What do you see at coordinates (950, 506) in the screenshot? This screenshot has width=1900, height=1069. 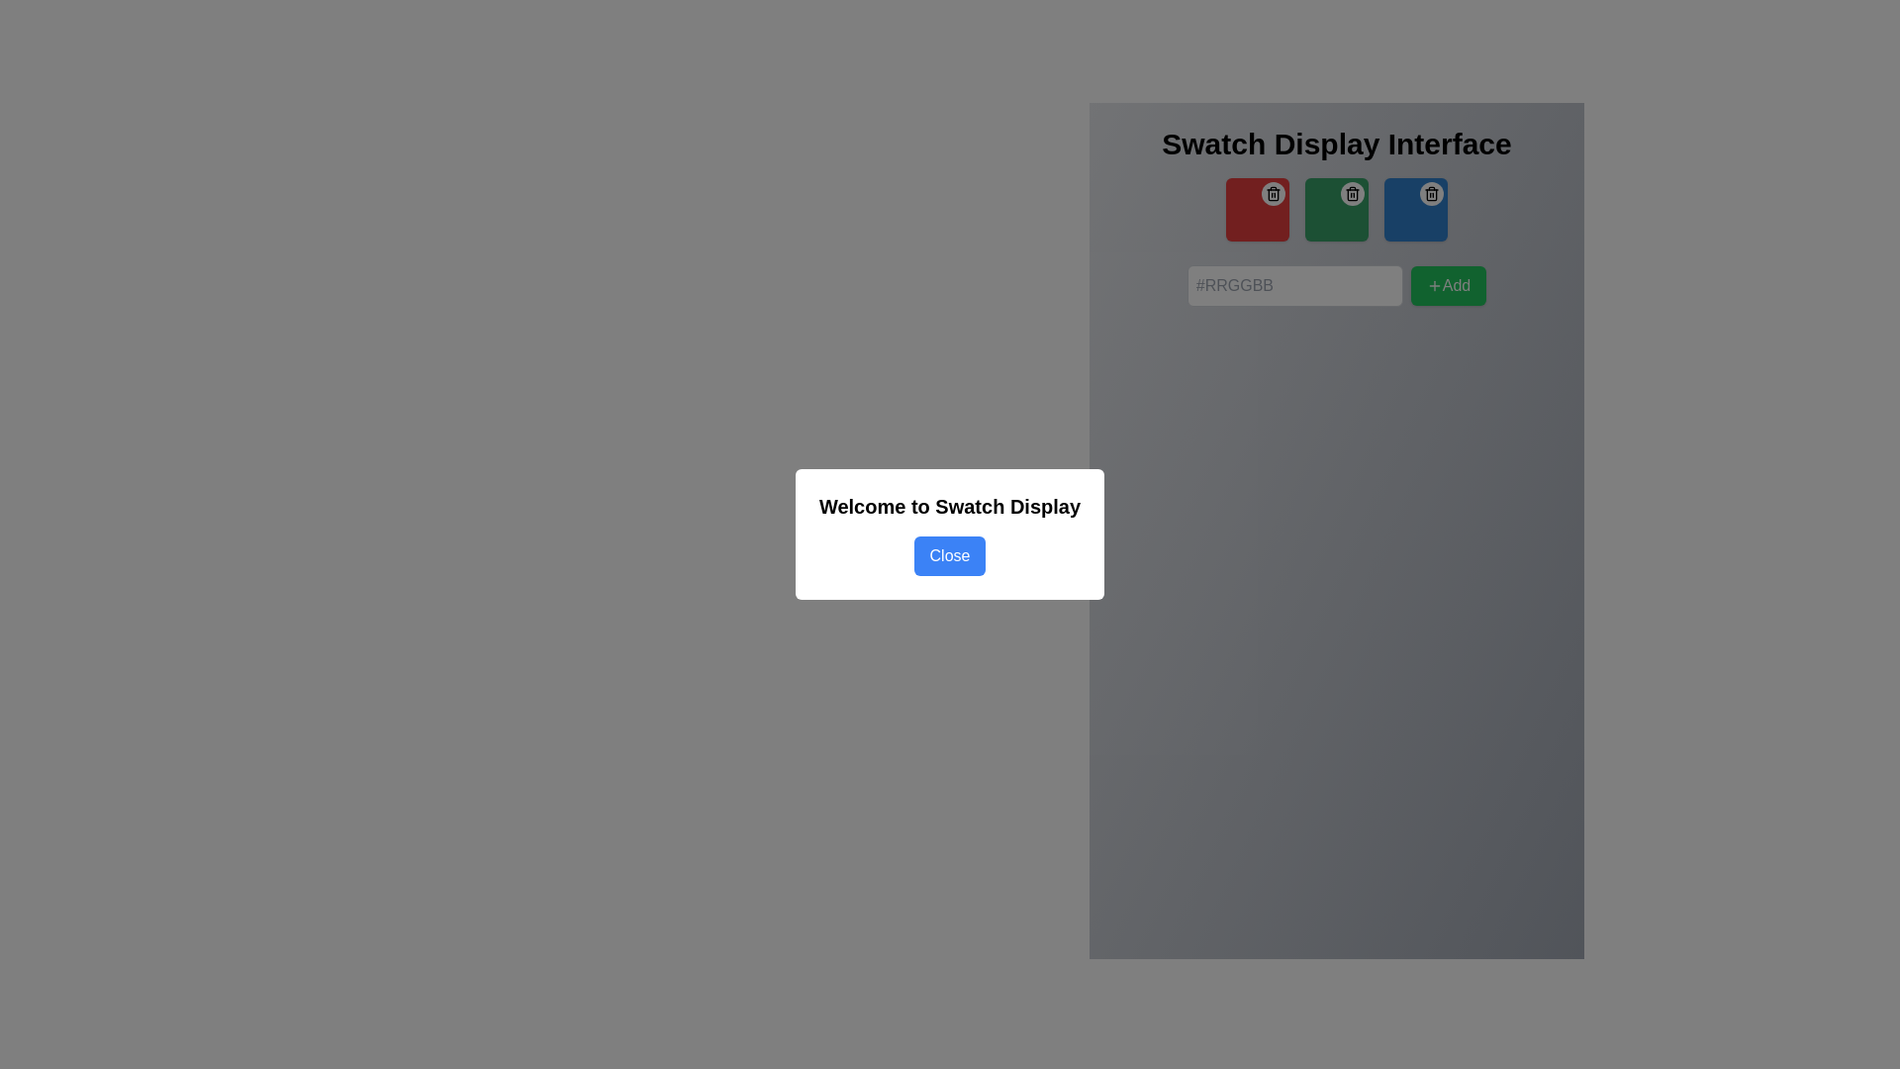 I see `the heading element that introduces the content of the modal dialog, located above the blue 'Close' button` at bounding box center [950, 506].